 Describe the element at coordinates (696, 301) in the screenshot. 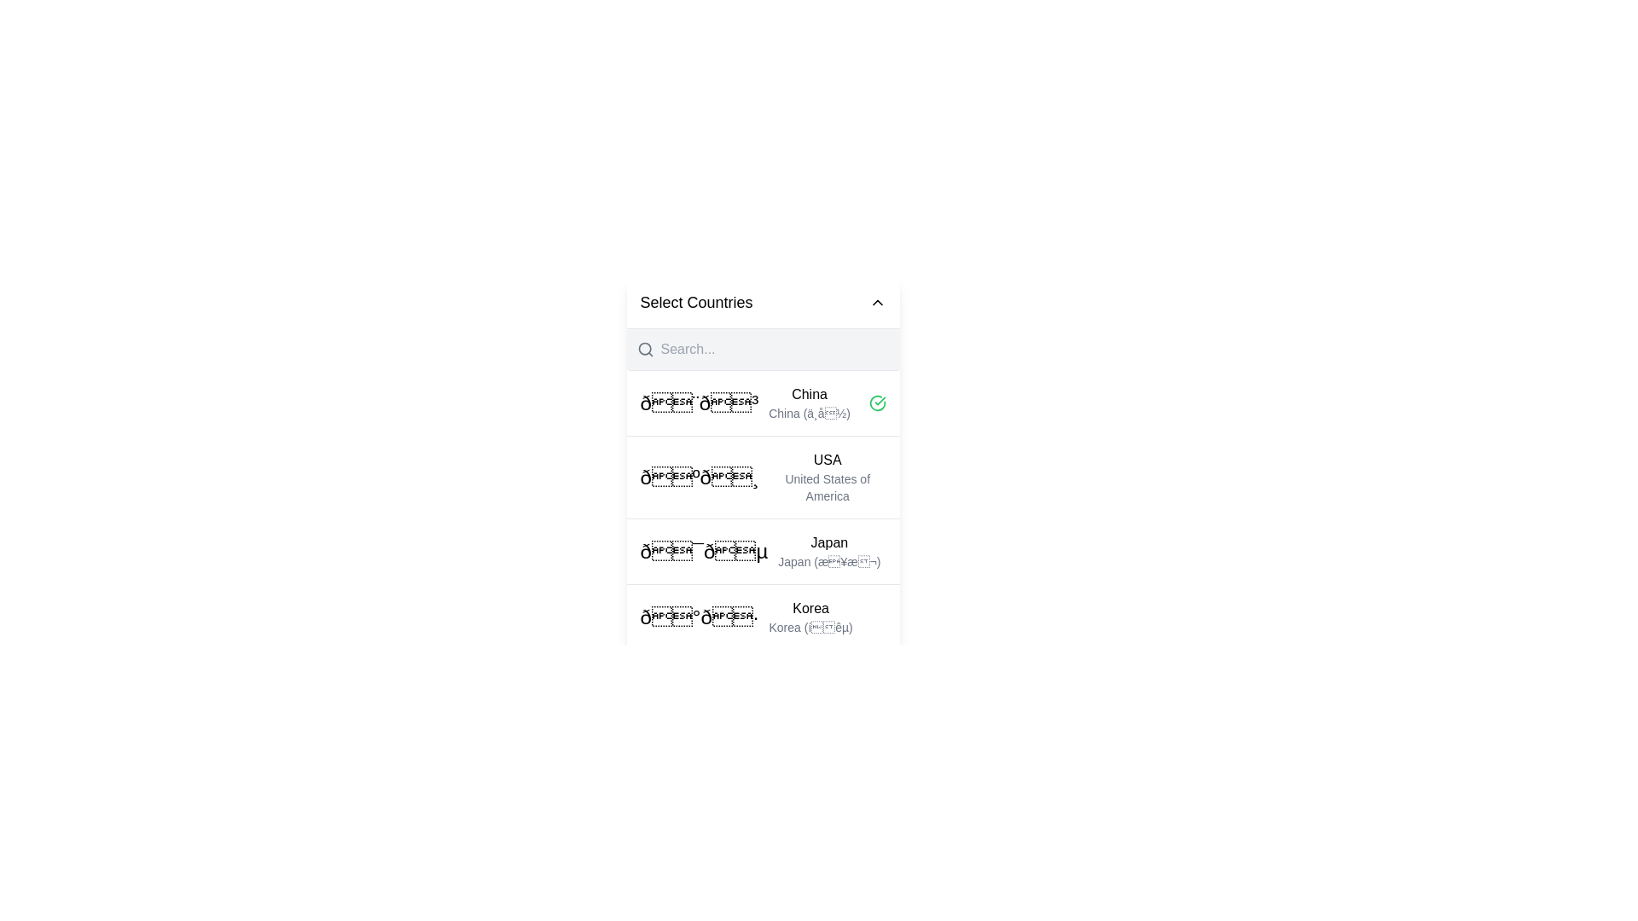

I see `the text label displaying 'Select Countries' in a medium-sized, bold font located in the header section of the dropdown menu` at that location.